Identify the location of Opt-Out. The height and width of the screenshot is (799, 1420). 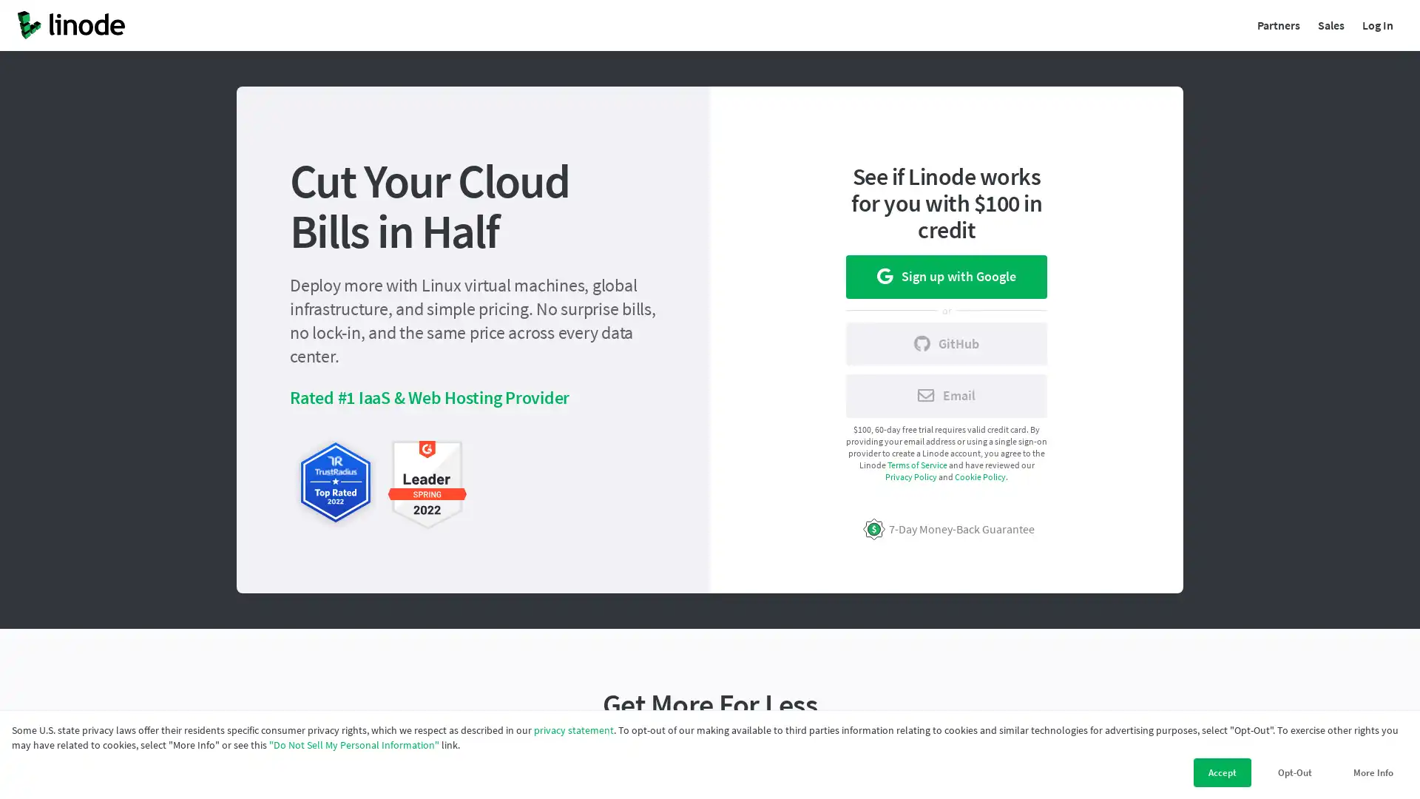
(1294, 772).